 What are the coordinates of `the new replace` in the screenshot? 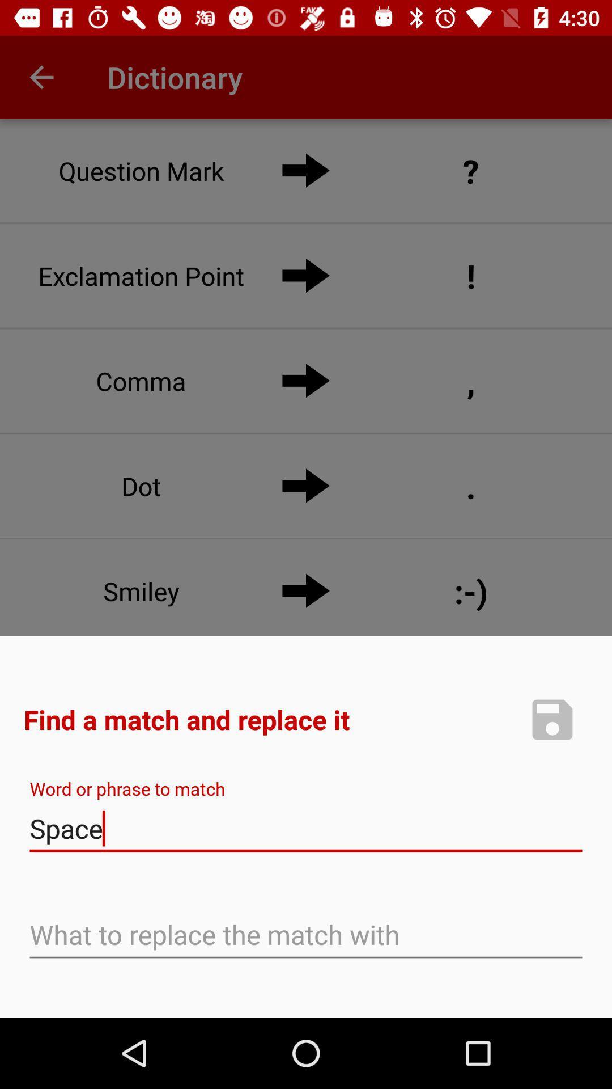 It's located at (552, 719).